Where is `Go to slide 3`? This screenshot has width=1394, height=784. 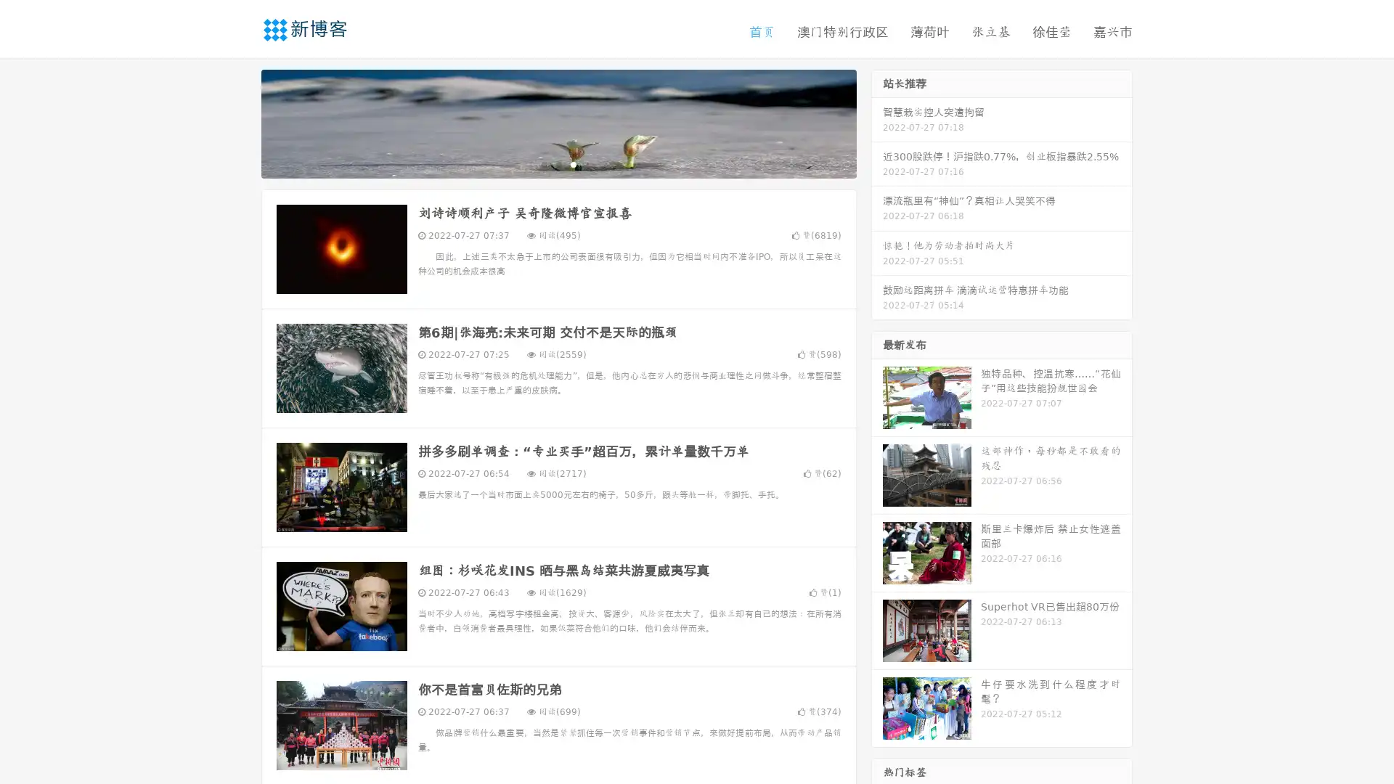 Go to slide 3 is located at coordinates (573, 163).